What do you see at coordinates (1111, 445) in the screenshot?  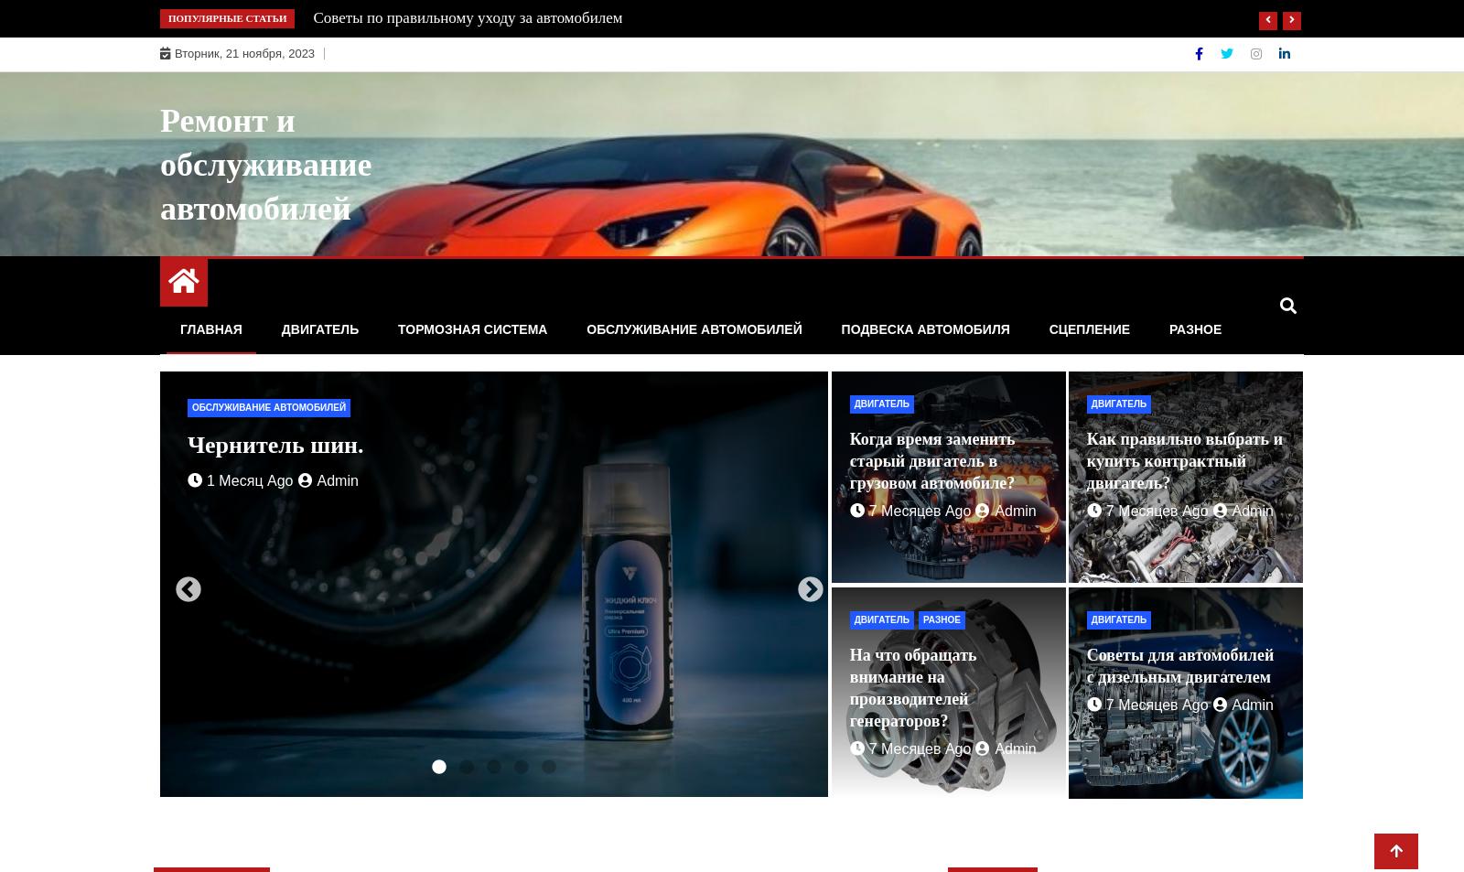 I see `'Техническое обслуживание Мерседес в Москве.'` at bounding box center [1111, 445].